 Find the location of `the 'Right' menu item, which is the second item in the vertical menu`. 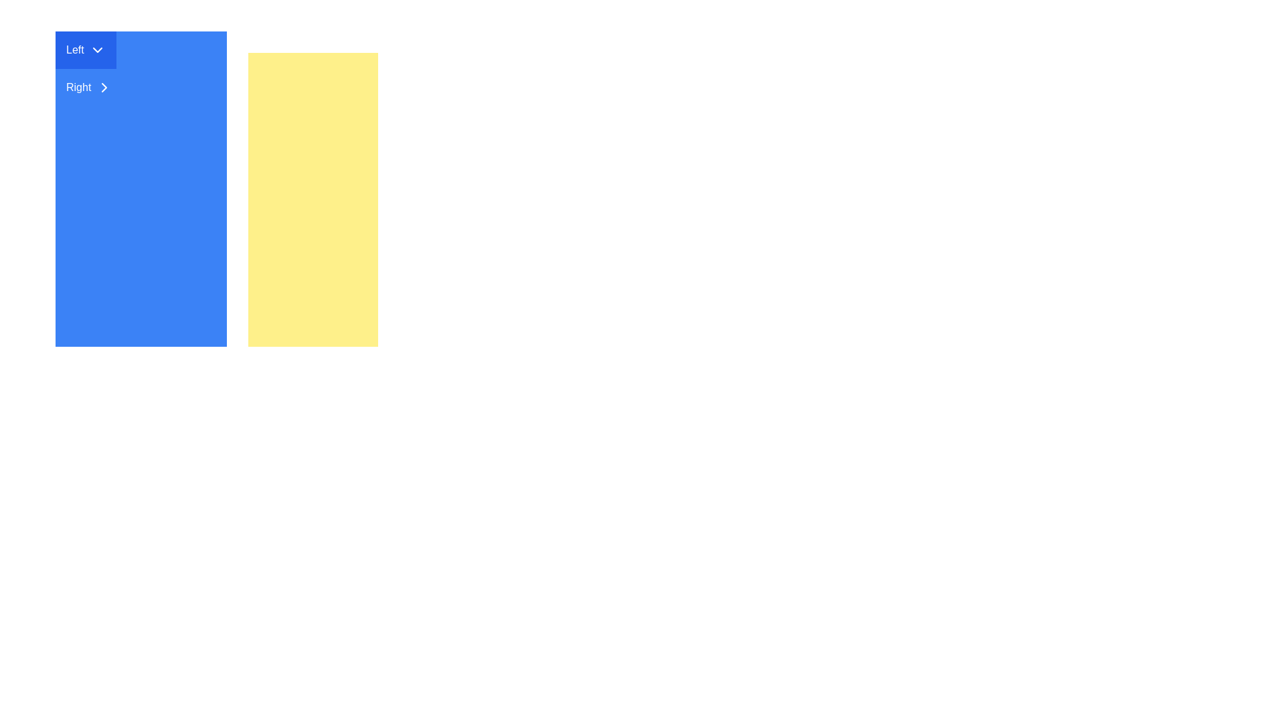

the 'Right' menu item, which is the second item in the vertical menu is located at coordinates (88, 88).